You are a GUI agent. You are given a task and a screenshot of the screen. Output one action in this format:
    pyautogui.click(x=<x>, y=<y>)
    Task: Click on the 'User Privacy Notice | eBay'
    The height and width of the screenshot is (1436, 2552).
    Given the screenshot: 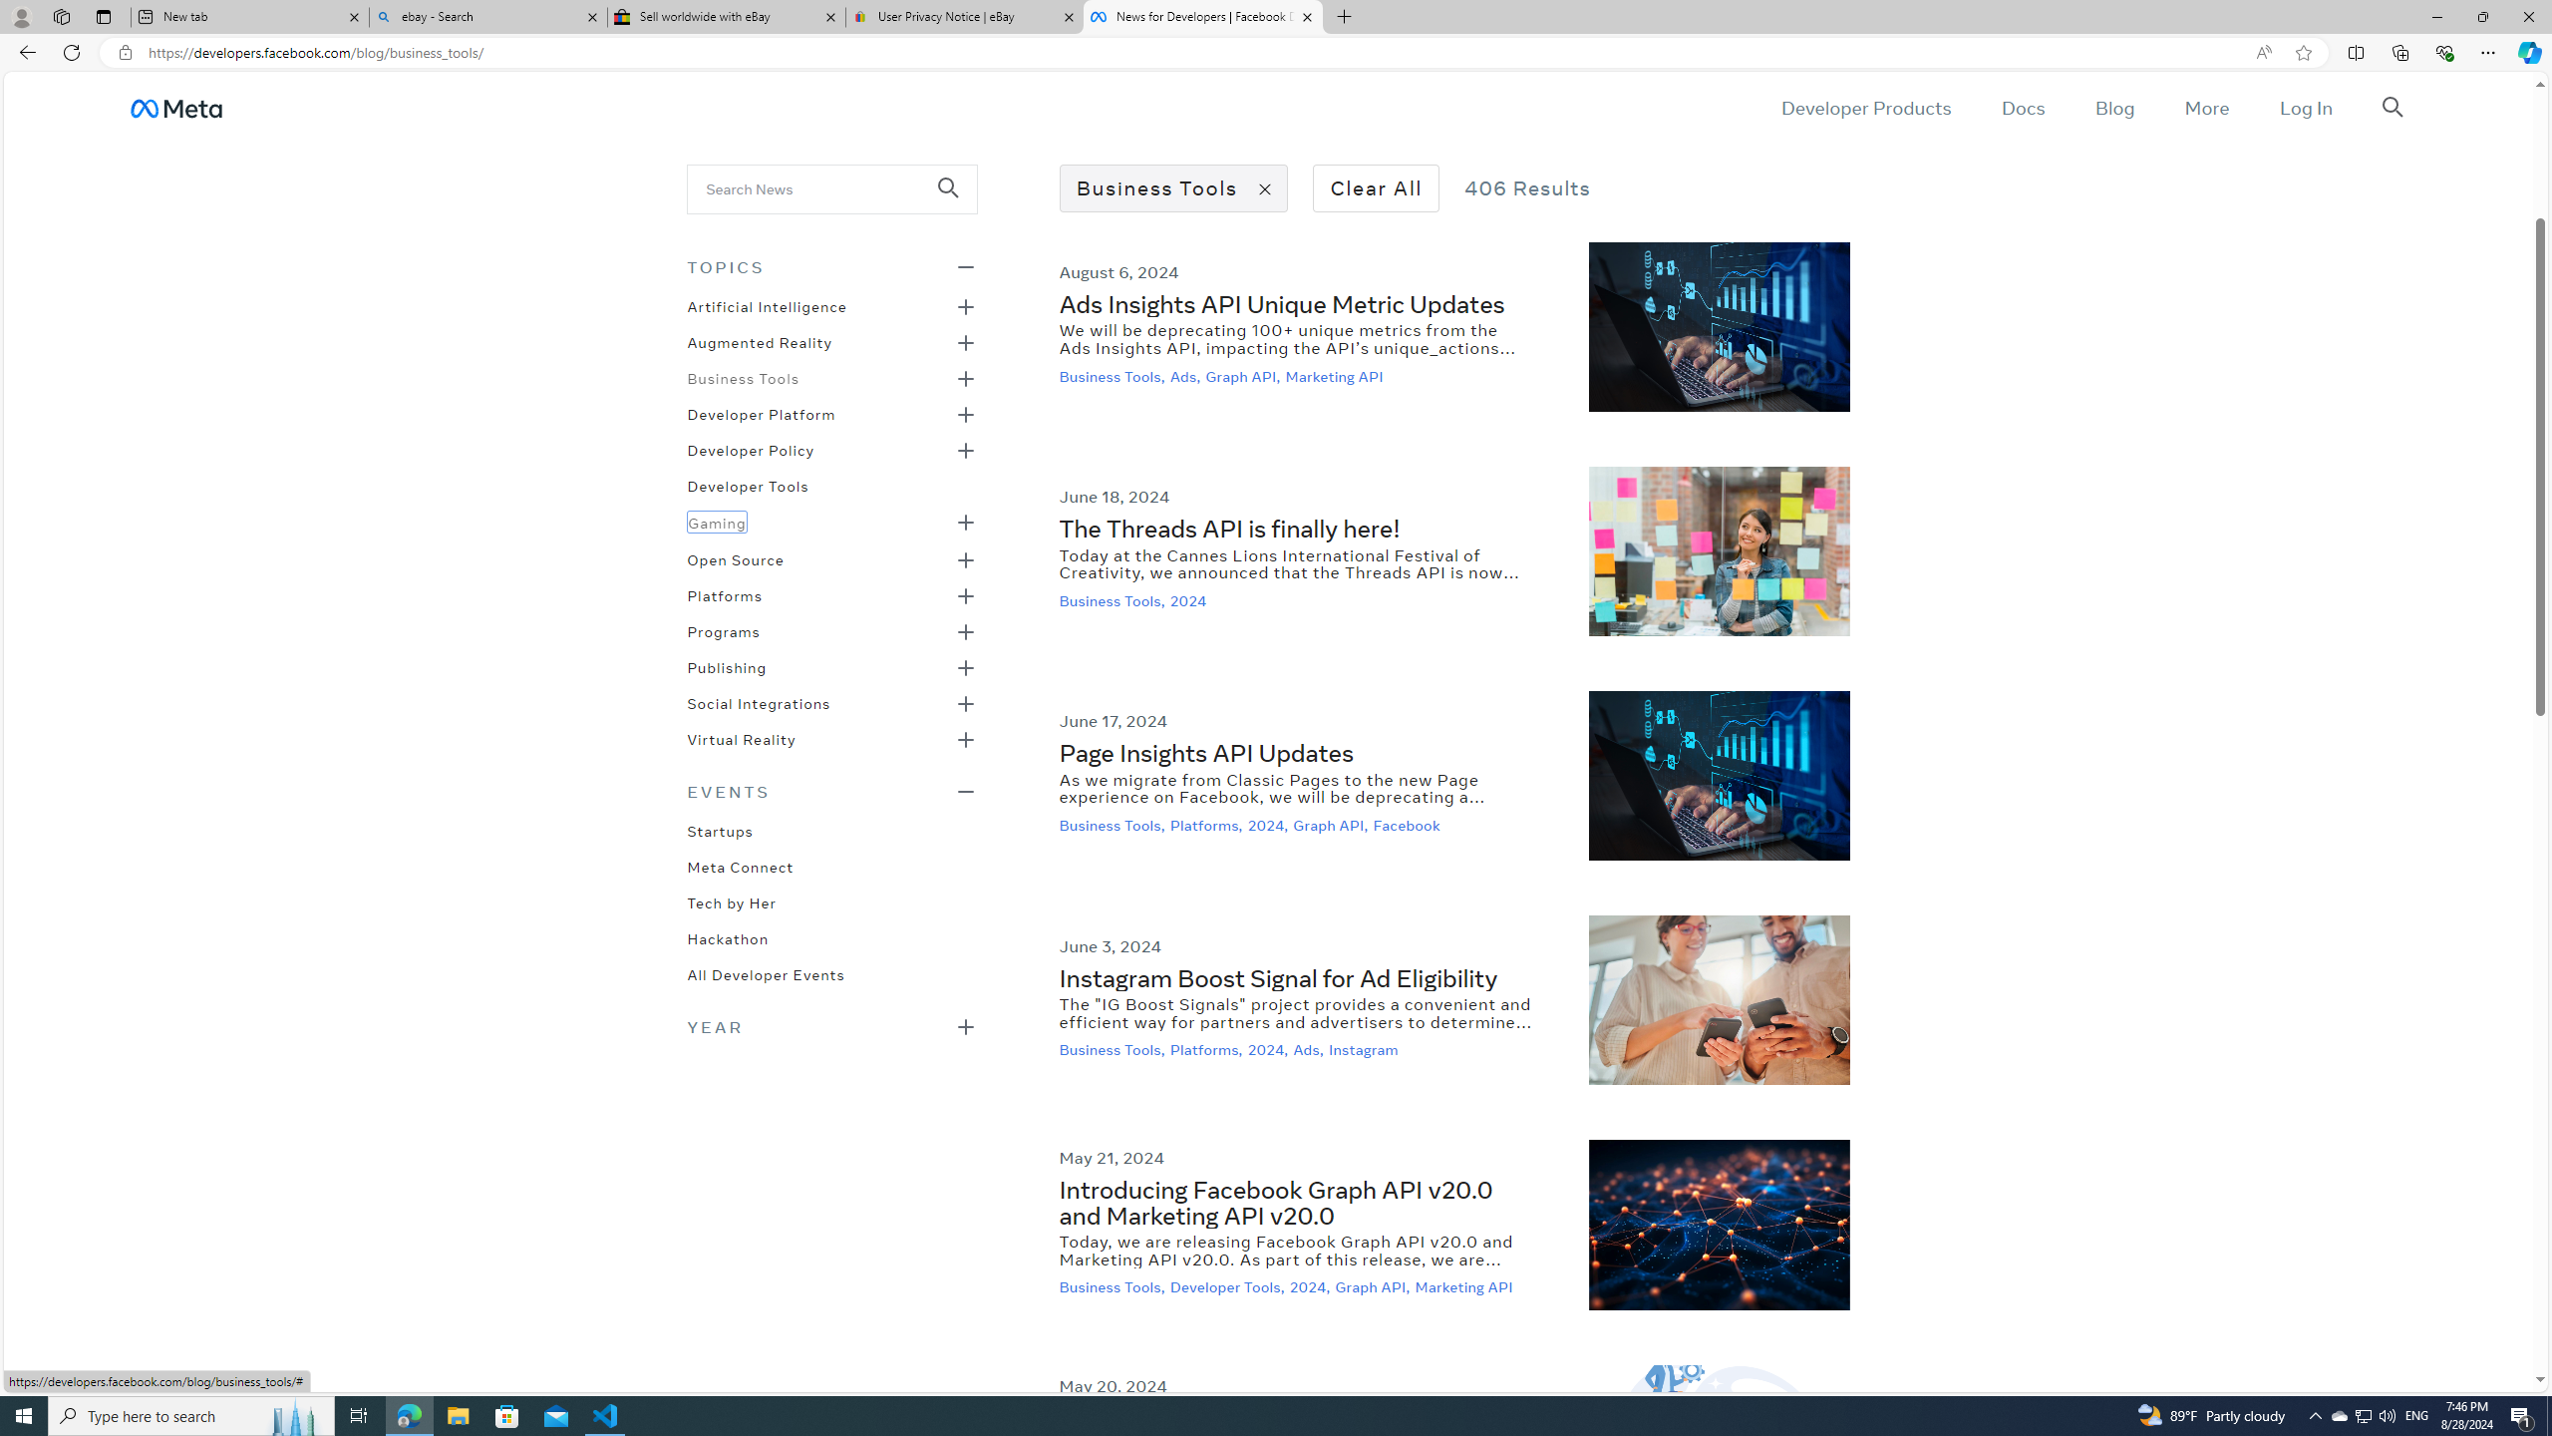 What is the action you would take?
    pyautogui.click(x=963, y=16)
    